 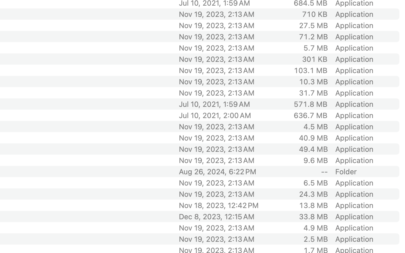 I want to click on '2.5 MB', so click(x=315, y=239).